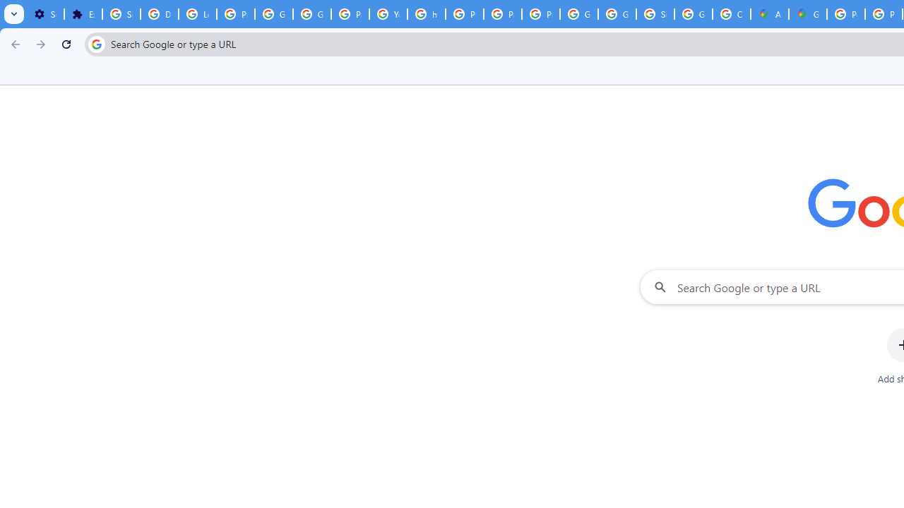 The height and width of the screenshot is (508, 904). What do you see at coordinates (388, 14) in the screenshot?
I see `'YouTube'` at bounding box center [388, 14].